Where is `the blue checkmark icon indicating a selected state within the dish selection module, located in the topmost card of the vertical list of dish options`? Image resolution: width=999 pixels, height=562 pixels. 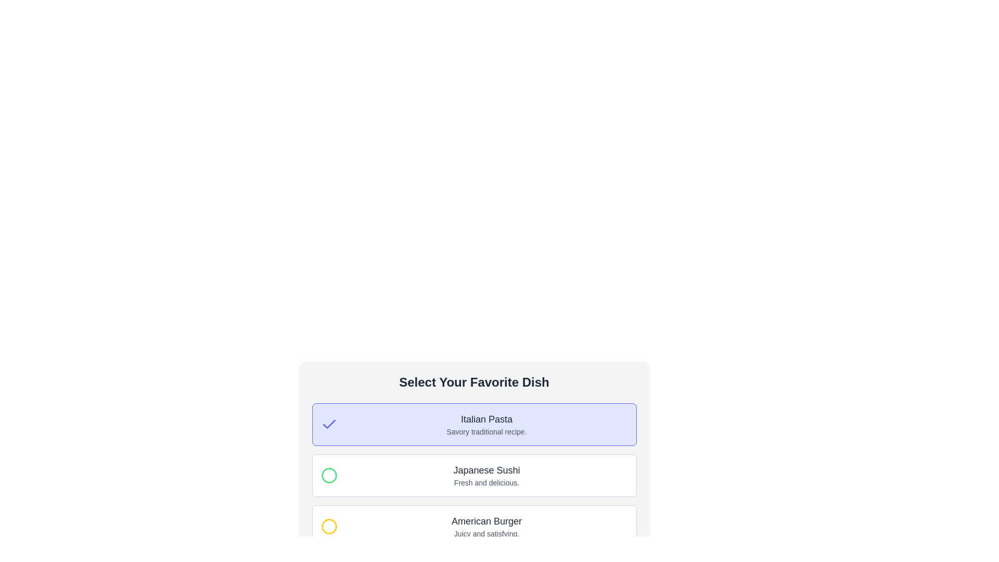 the blue checkmark icon indicating a selected state within the dish selection module, located in the topmost card of the vertical list of dish options is located at coordinates (328, 424).